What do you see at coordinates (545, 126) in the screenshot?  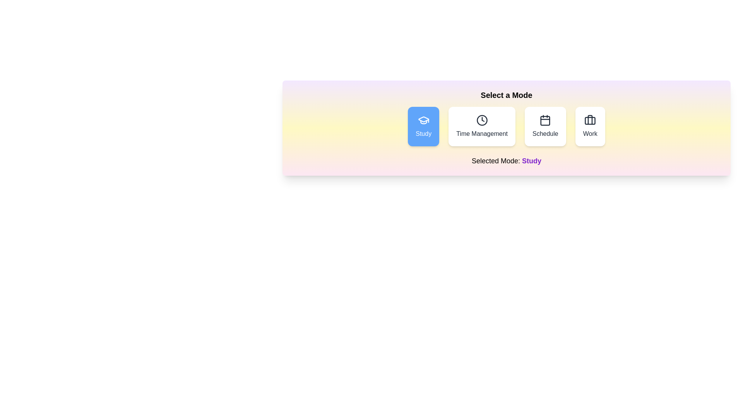 I see `the button corresponding to the mode Schedule` at bounding box center [545, 126].